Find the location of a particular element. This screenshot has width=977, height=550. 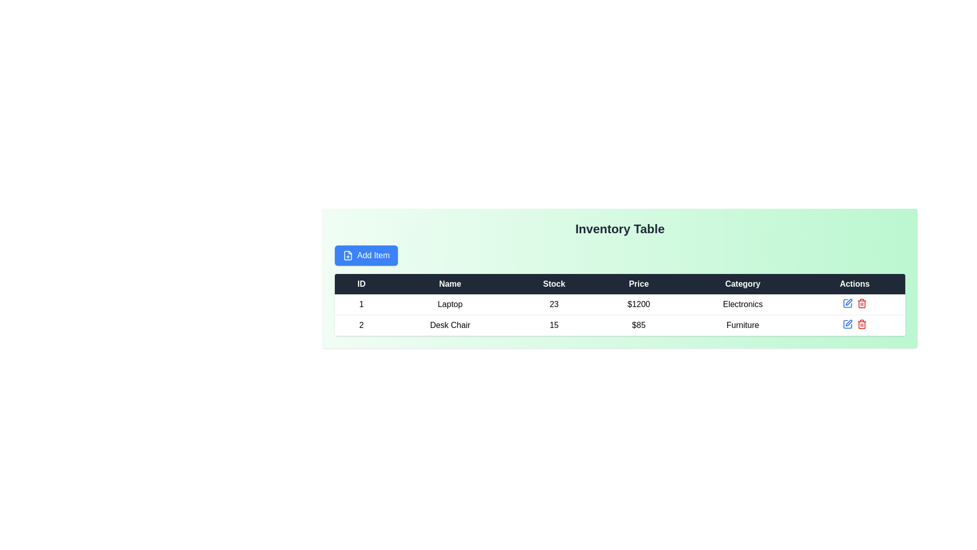

the second edit icon in the 'Actions' column, represented by a pen and ruler is located at coordinates (849, 323).